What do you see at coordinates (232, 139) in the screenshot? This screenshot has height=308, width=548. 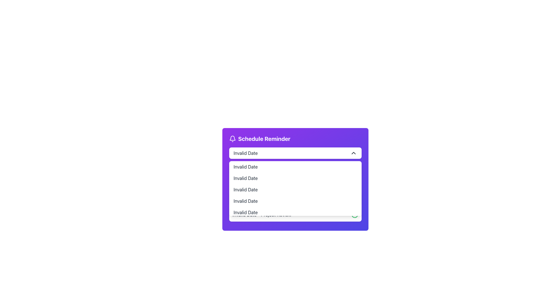 I see `the bell icon outlined in white with a small circular protrusion, located on a purple background within the header 'Schedule Reminder'` at bounding box center [232, 139].